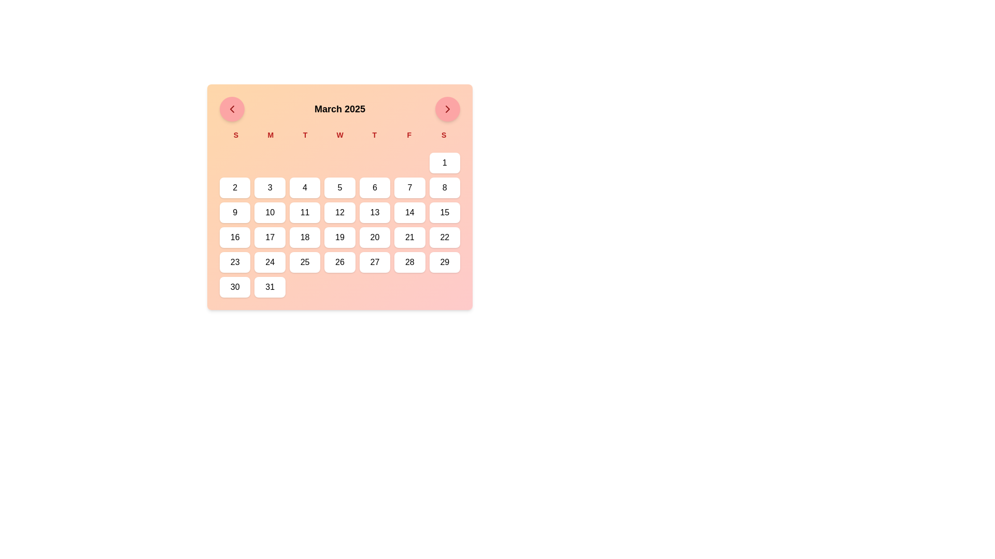 Image resolution: width=995 pixels, height=559 pixels. What do you see at coordinates (374, 135) in the screenshot?
I see `the text label representing Thursday, which is the fifth item in the sequence of days of the week, located in the top section of the calendar` at bounding box center [374, 135].